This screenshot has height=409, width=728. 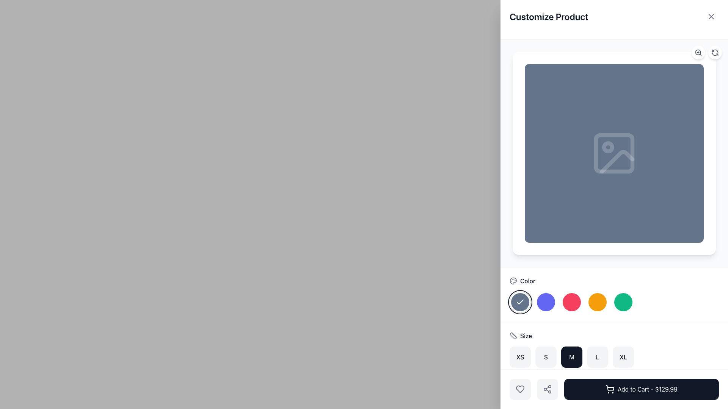 I want to click on the blue color selection button, which is the second circular button in the color options, located between the selected dark button and the pink button, so click(x=546, y=302).